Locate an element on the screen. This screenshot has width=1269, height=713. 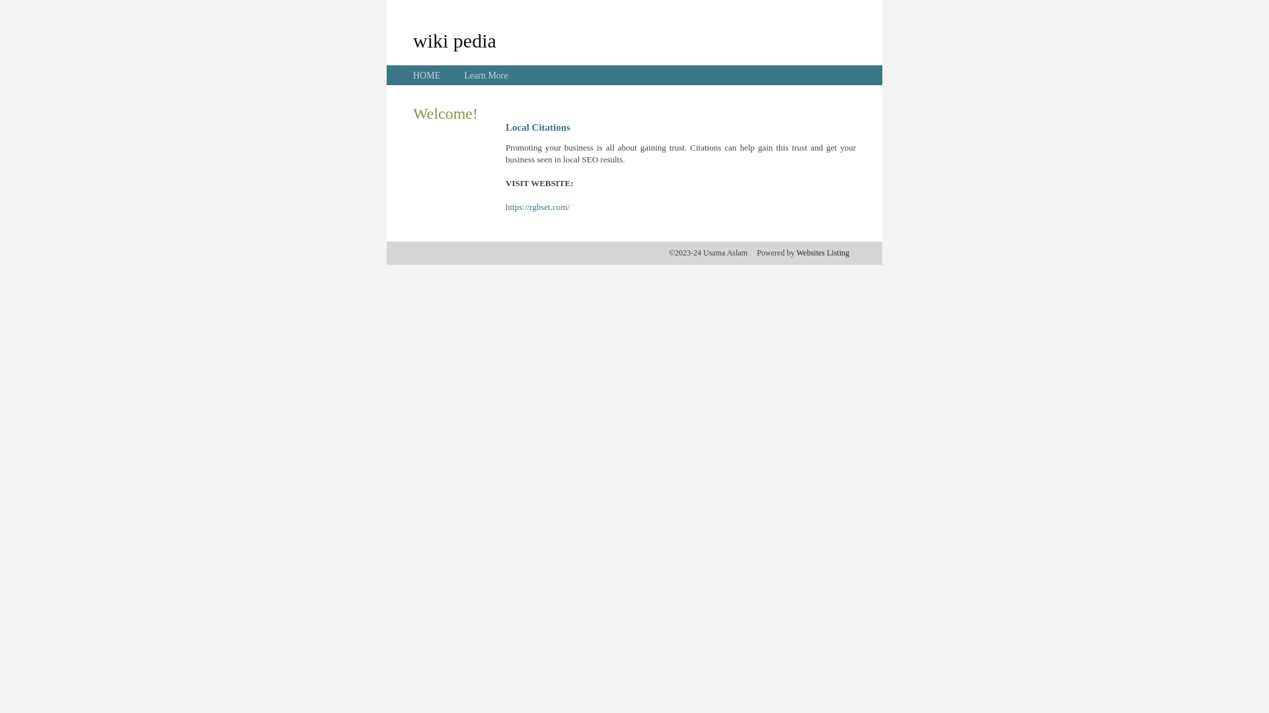
'wiki pedia' is located at coordinates (454, 40).